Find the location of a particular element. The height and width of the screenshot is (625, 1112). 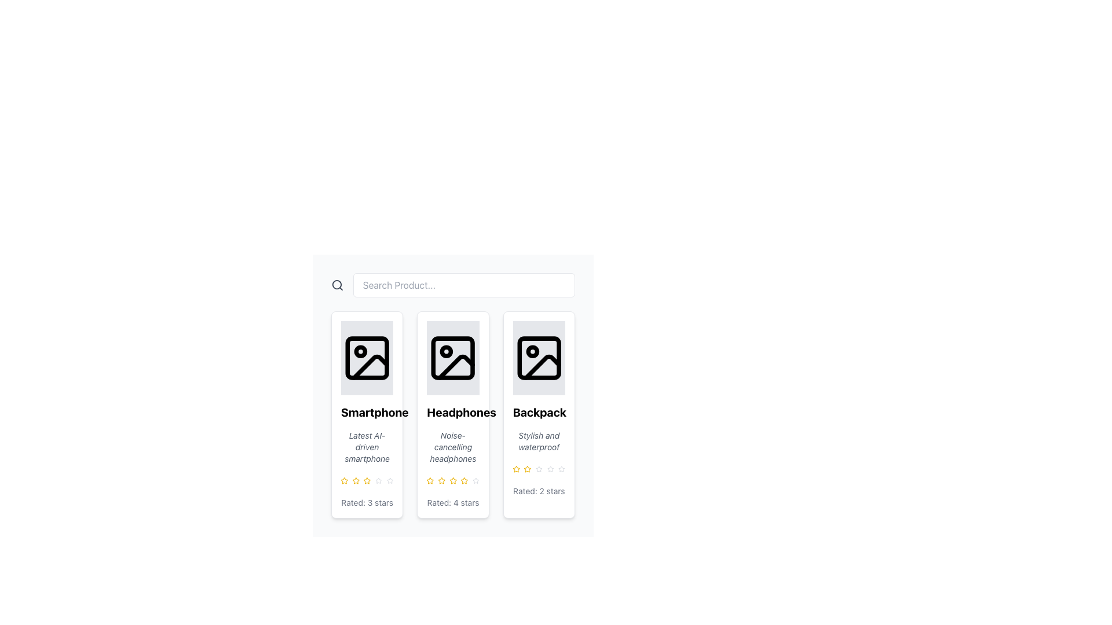

the decorative SVG rectangle element located in the upper-left section of the 'Backpack' product card, which is part of the image icon is located at coordinates (538, 357).